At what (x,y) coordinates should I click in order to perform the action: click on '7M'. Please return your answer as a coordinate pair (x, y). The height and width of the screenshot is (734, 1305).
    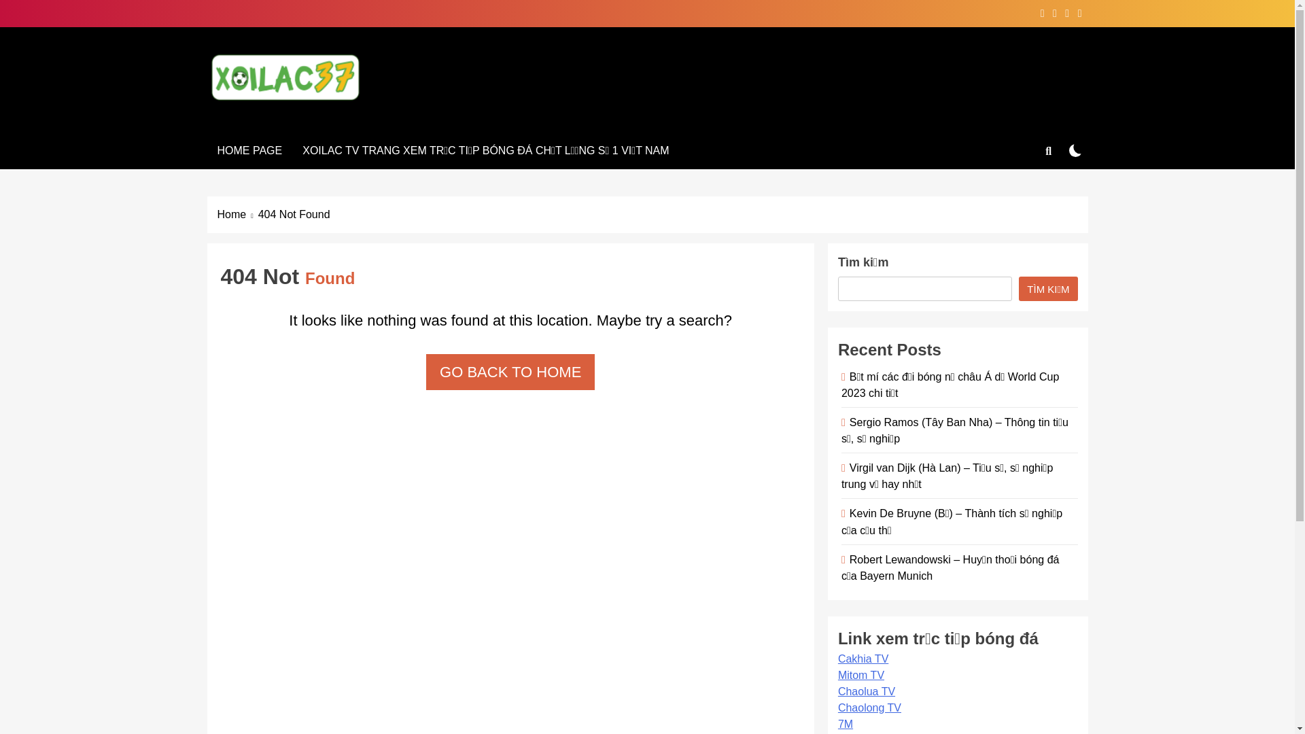
    Looking at the image, I should click on (844, 723).